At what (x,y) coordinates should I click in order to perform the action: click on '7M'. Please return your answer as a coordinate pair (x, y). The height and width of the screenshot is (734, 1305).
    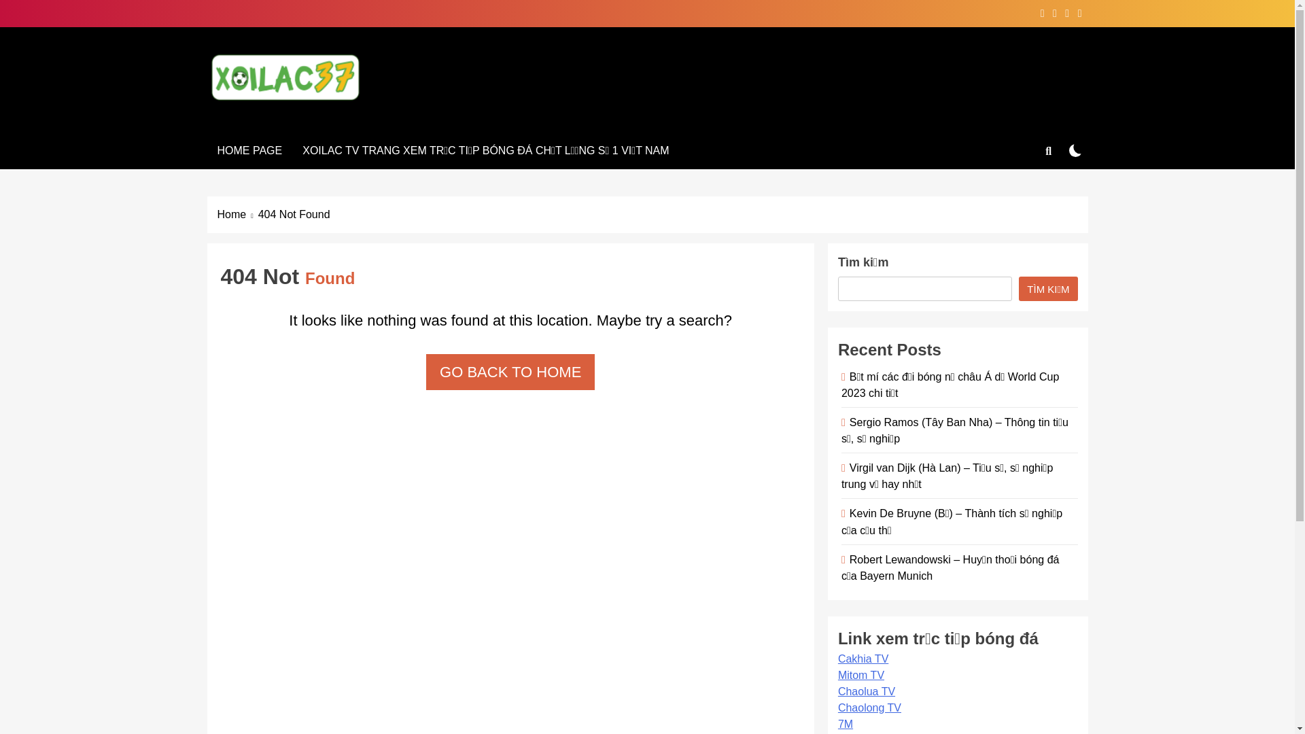
    Looking at the image, I should click on (844, 723).